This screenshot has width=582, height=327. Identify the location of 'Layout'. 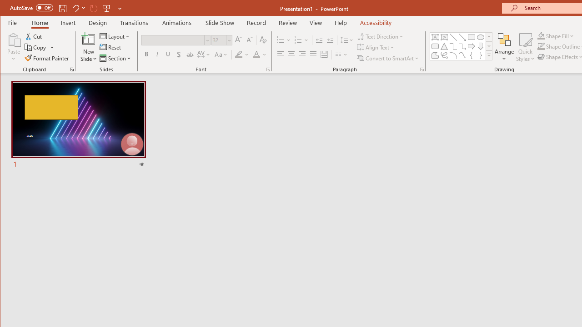
(115, 36).